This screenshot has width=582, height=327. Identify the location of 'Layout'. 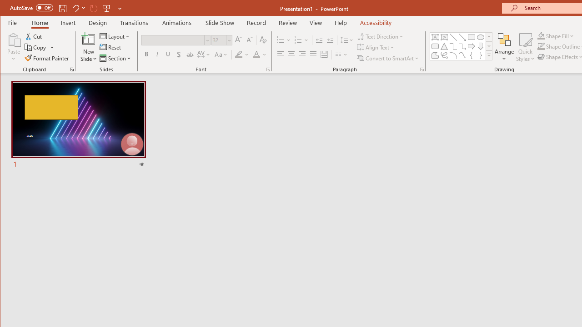
(115, 36).